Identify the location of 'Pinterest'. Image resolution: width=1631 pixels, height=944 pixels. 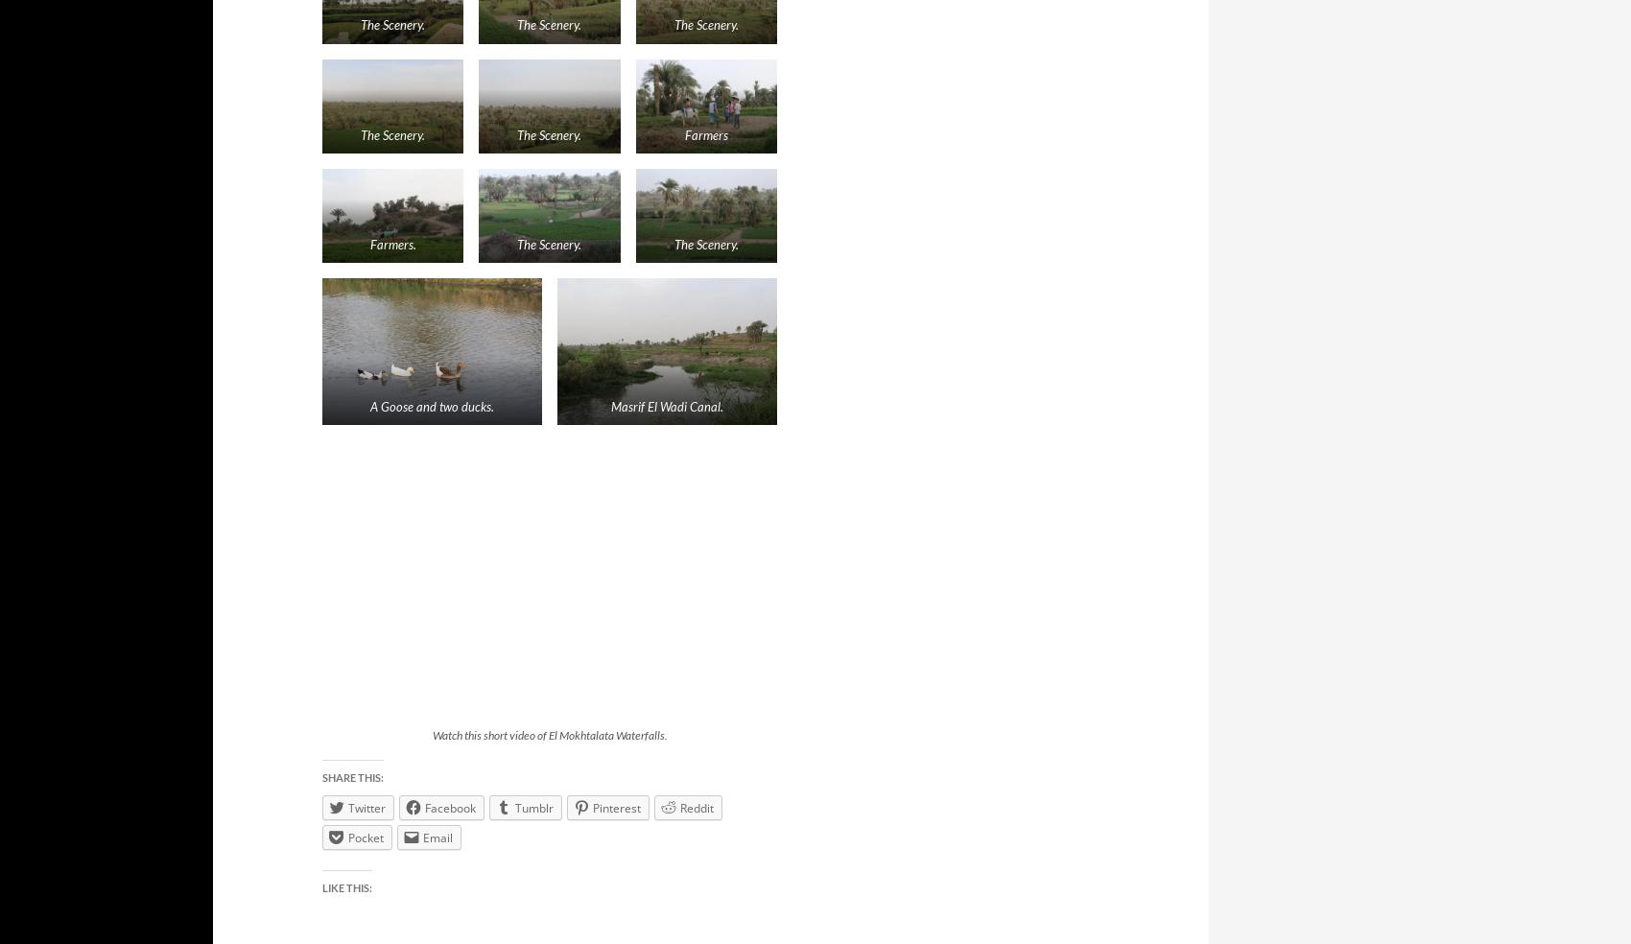
(591, 806).